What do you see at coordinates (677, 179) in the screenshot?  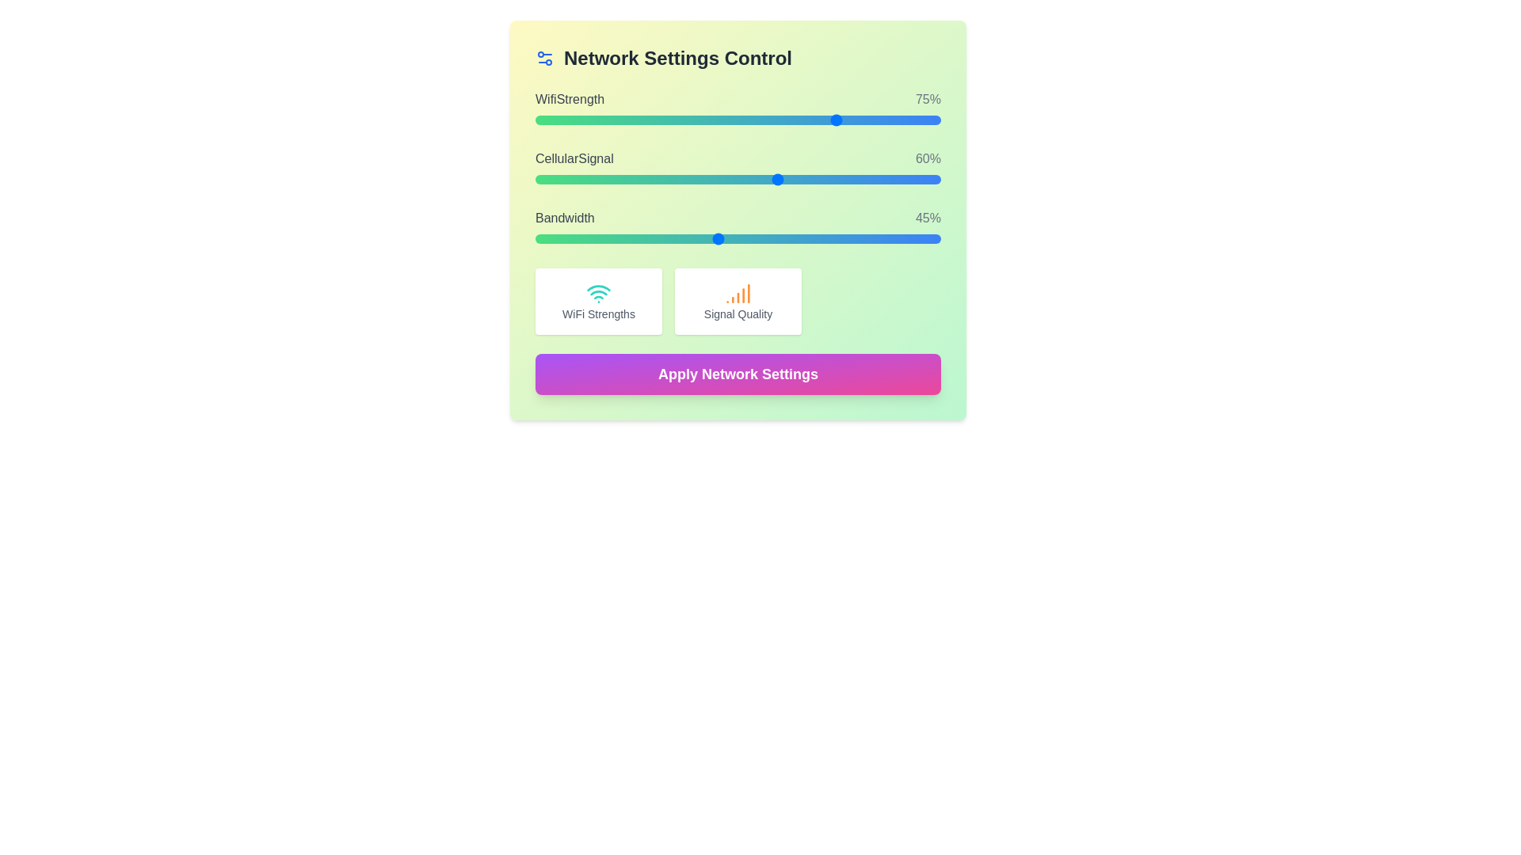 I see `the Cellular Signal slider` at bounding box center [677, 179].